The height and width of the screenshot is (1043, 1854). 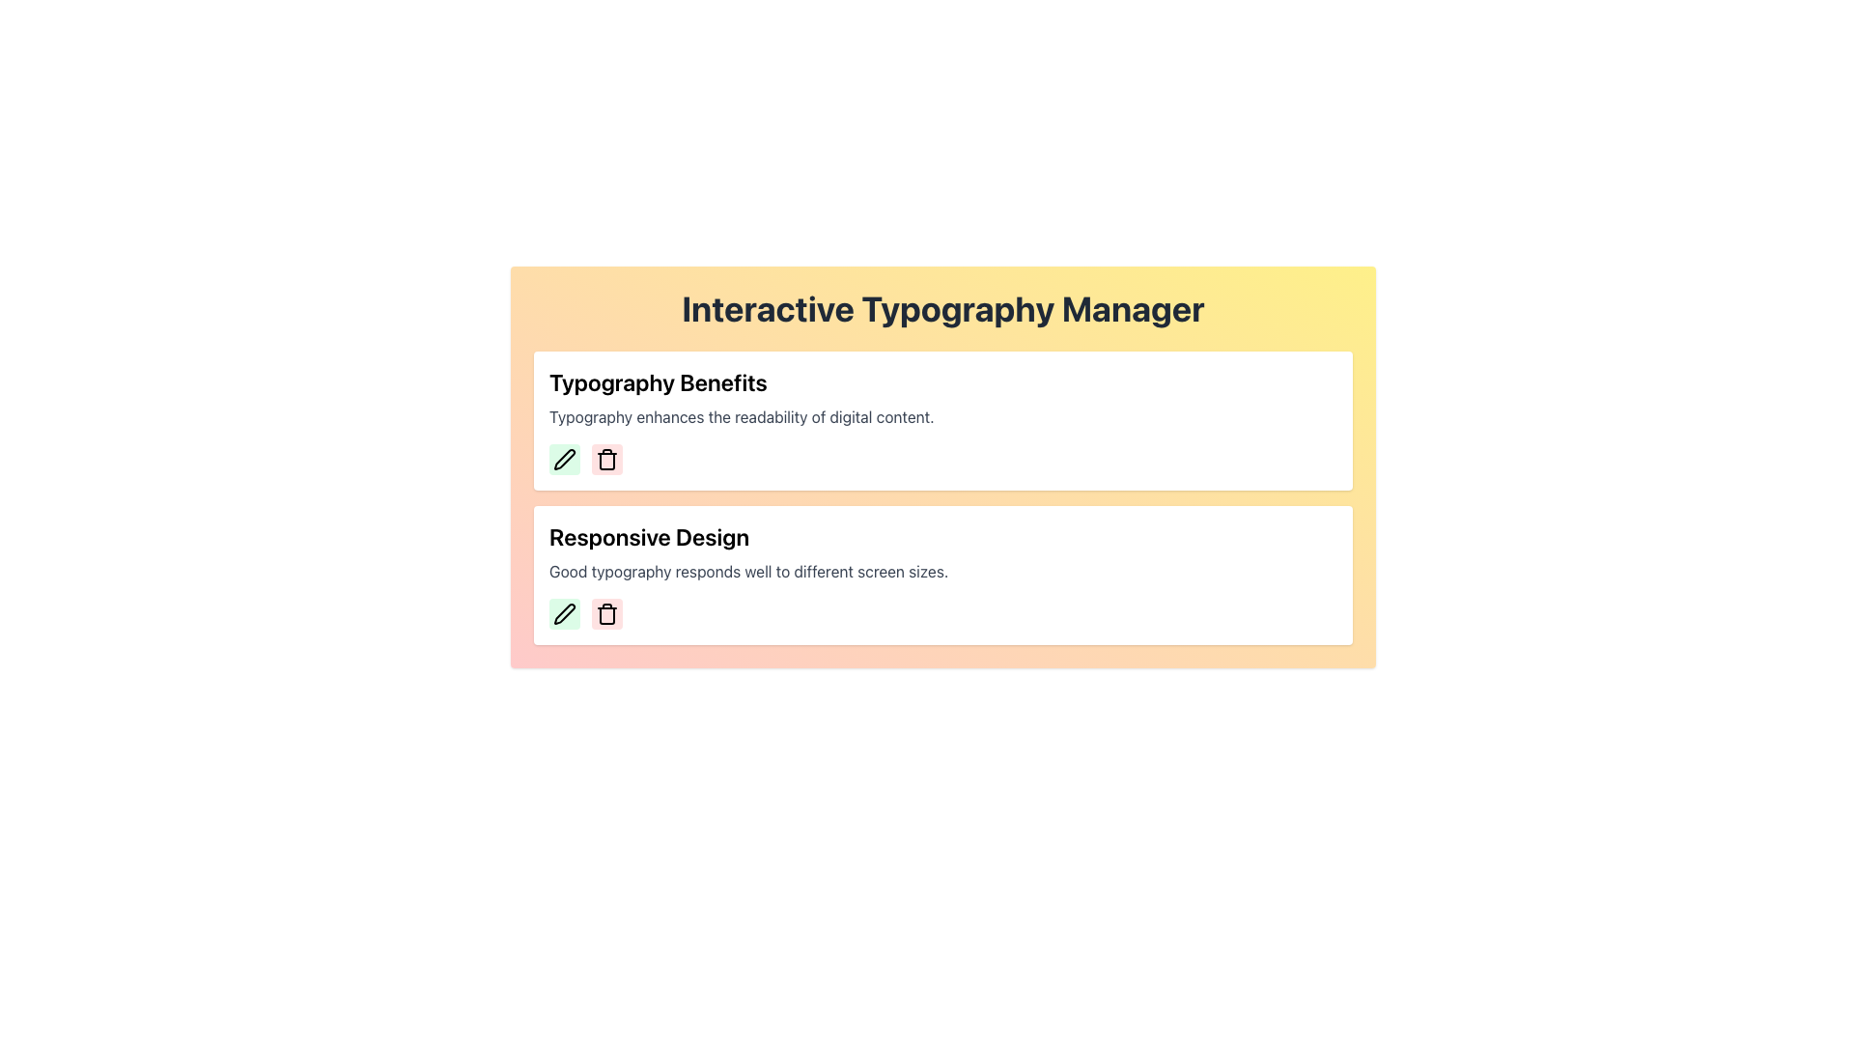 What do you see at coordinates (605, 614) in the screenshot?
I see `the second button with a trash can icon, located to the right of the green pencil button, to change its background shade` at bounding box center [605, 614].